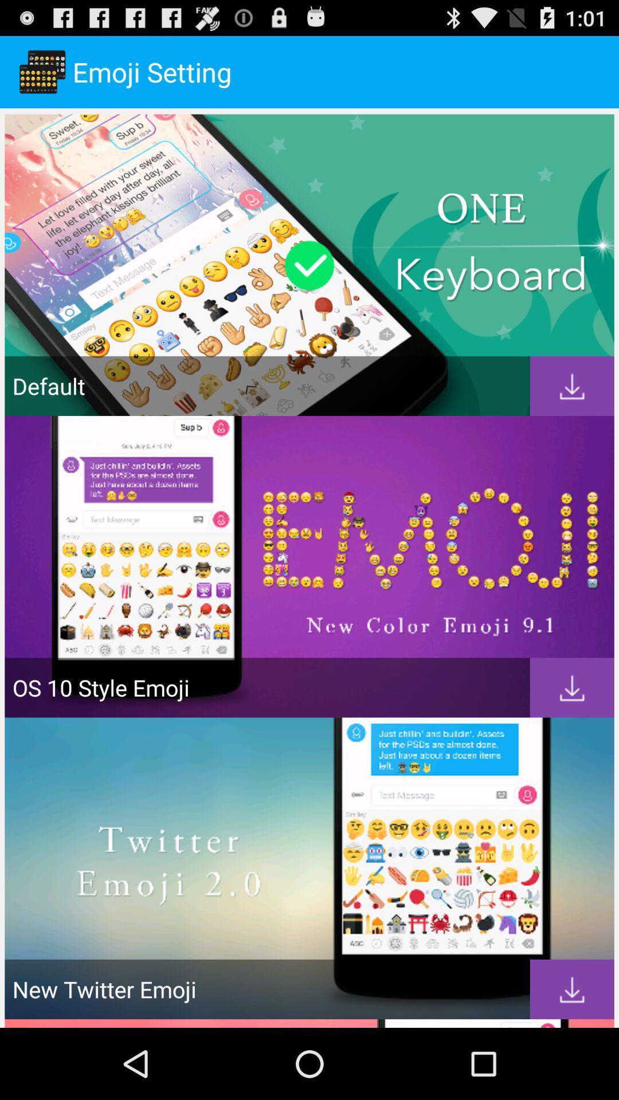 The width and height of the screenshot is (619, 1100). I want to click on download new twitter emoji, so click(572, 989).